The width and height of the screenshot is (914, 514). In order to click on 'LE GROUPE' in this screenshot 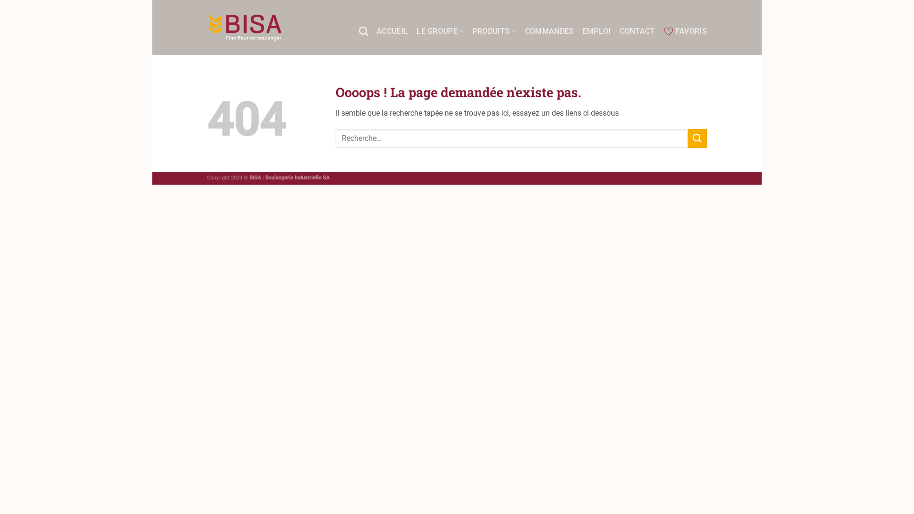, I will do `click(439, 30)`.